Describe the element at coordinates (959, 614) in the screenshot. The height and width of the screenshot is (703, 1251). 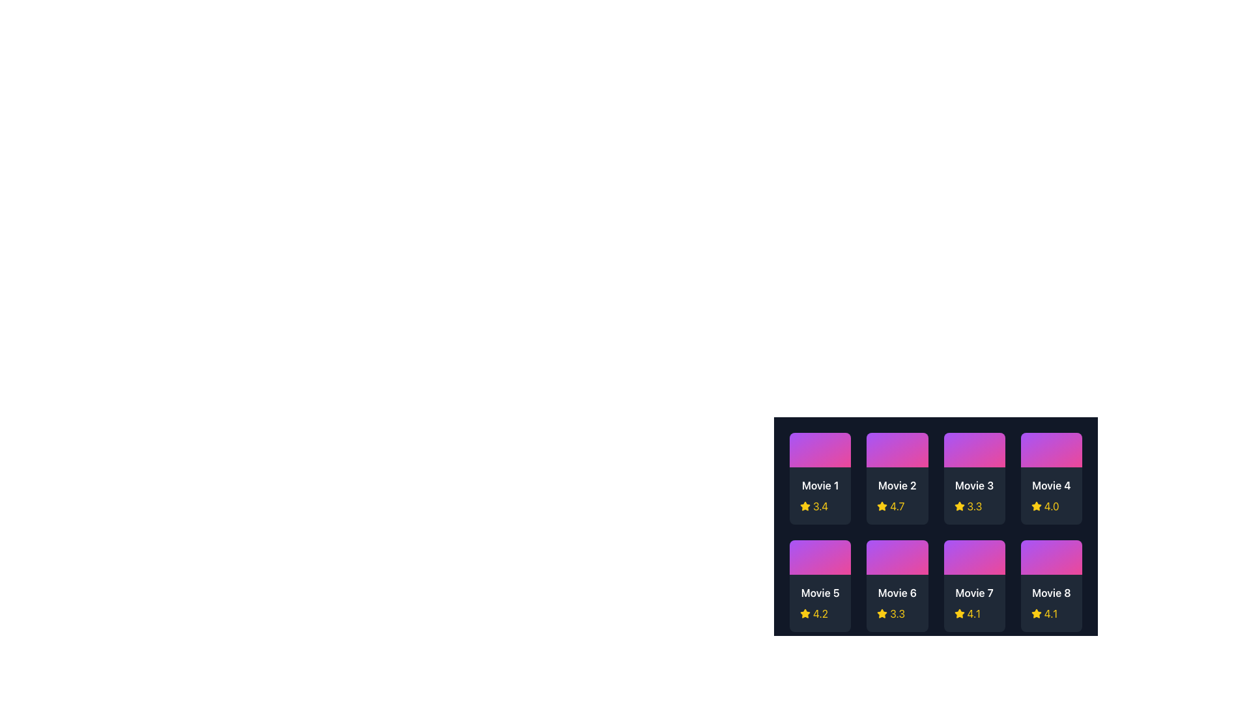
I see `the yellow star icon representing the rating for 'Movie 7', located in the second row, third column of the grid layout` at that location.